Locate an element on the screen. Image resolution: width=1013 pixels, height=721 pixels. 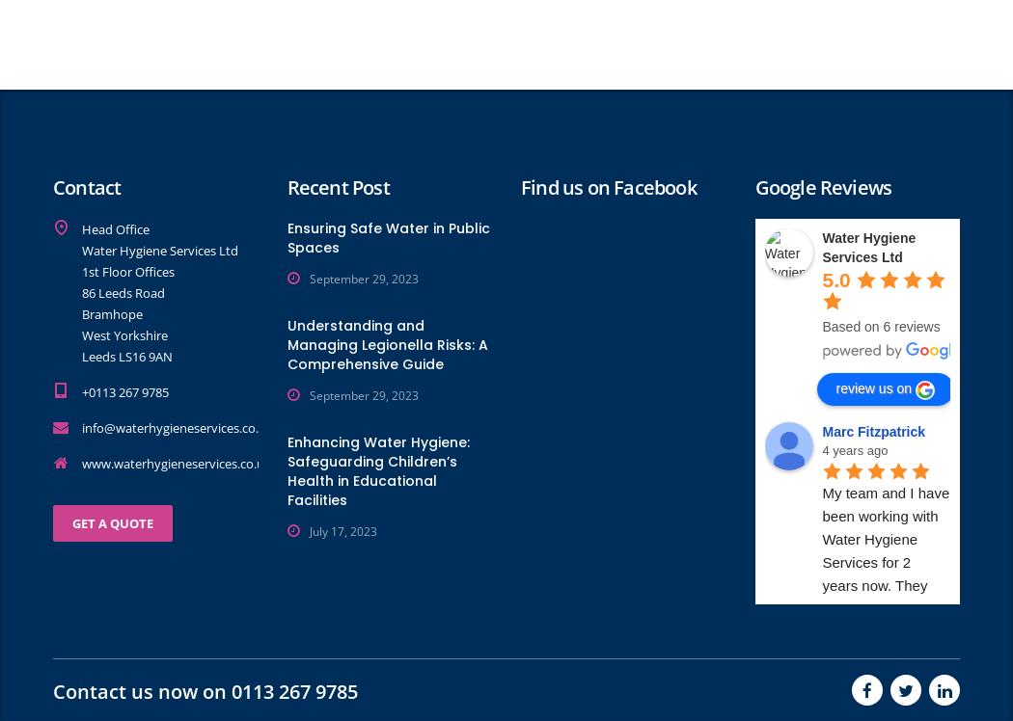
'Understanding and Managing Legionella Risks: A Comprehensive Guide' is located at coordinates (386, 343).